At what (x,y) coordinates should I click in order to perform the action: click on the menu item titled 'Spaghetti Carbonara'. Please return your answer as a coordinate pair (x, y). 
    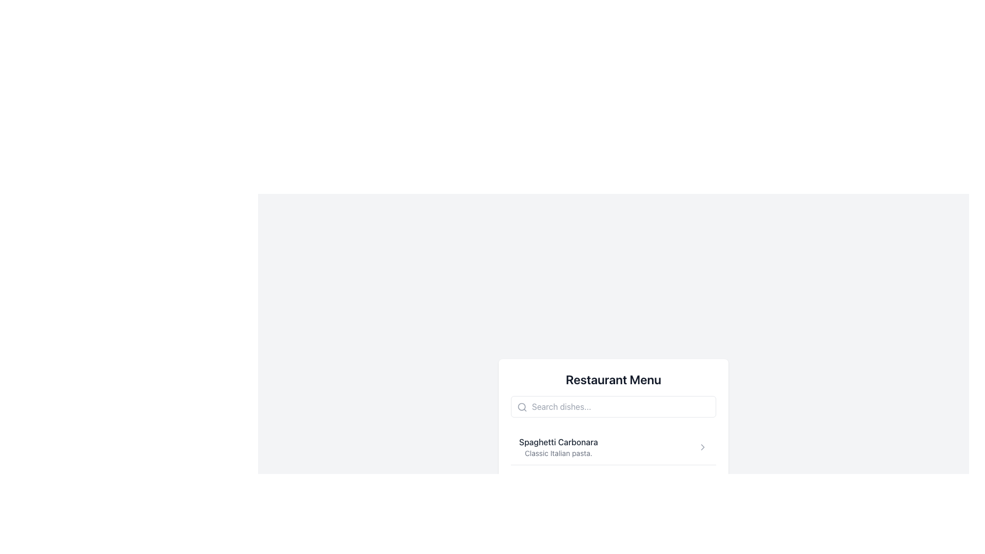
    Looking at the image, I should click on (613, 446).